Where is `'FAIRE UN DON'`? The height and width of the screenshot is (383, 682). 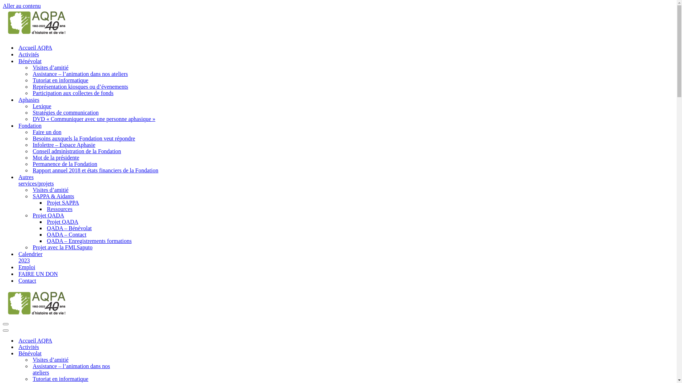
'FAIRE UN DON' is located at coordinates (38, 273).